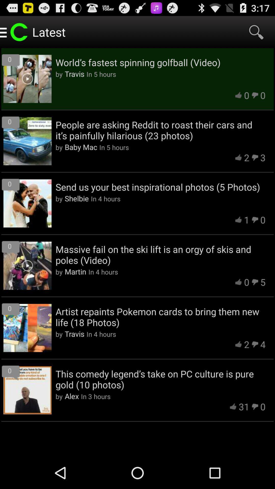  What do you see at coordinates (160, 317) in the screenshot?
I see `app above the travis app` at bounding box center [160, 317].